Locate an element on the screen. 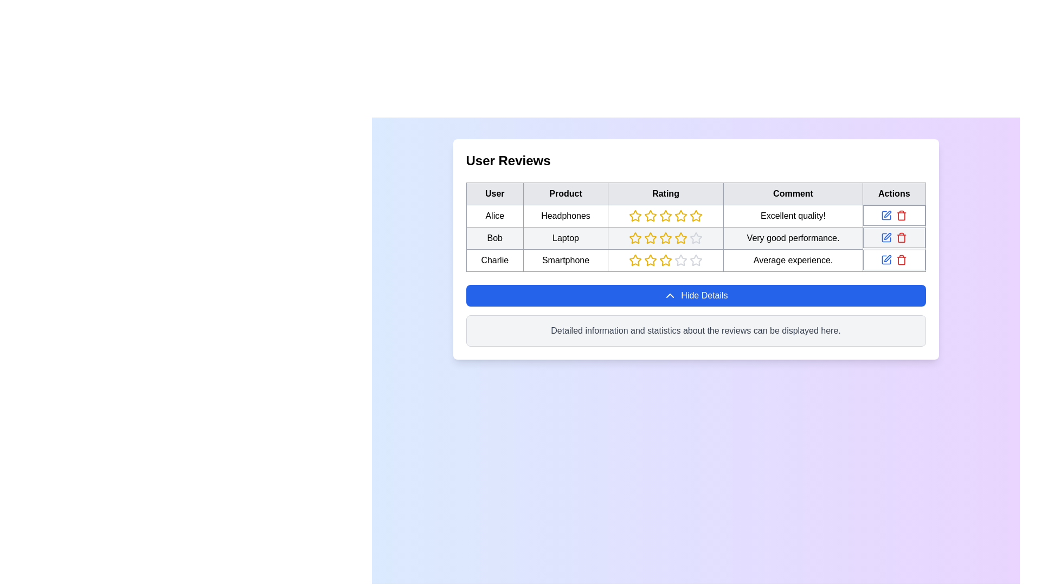 The height and width of the screenshot is (585, 1041). the second star in the Interactive star rating component for user 'Alice' and product 'Headphones' is located at coordinates (651, 216).